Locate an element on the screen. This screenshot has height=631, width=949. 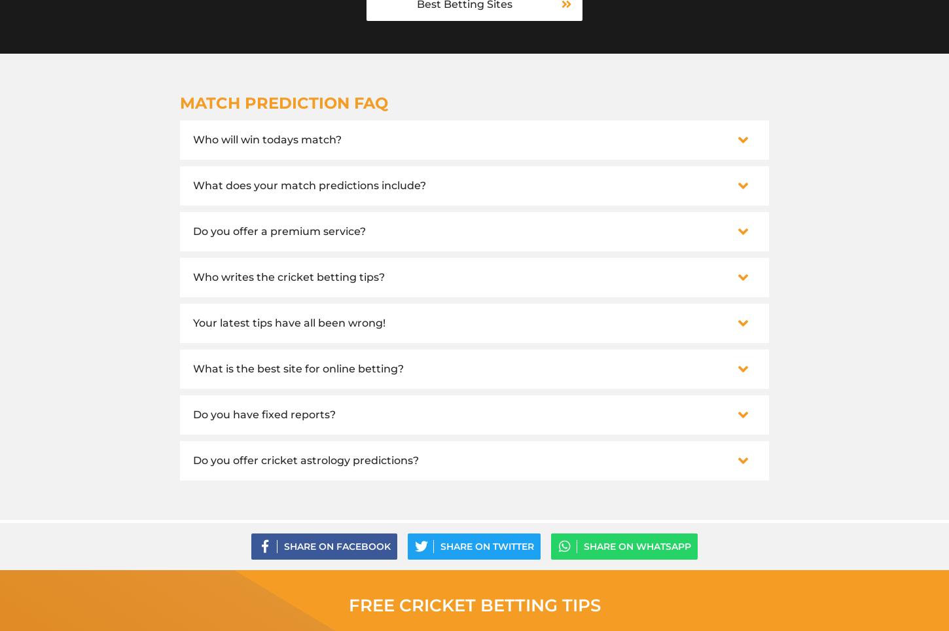
'What does your match predictions include?' is located at coordinates (308, 185).